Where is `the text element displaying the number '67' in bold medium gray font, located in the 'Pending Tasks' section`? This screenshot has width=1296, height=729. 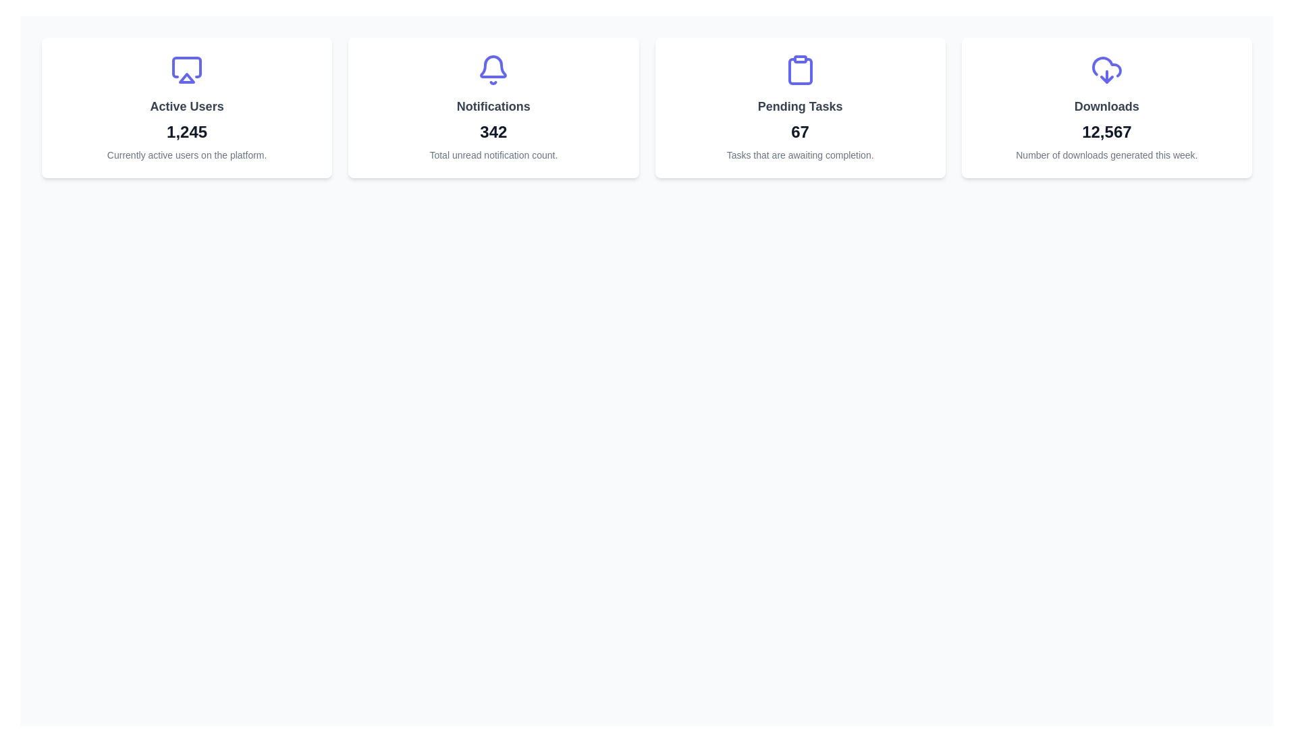 the text element displaying the number '67' in bold medium gray font, located in the 'Pending Tasks' section is located at coordinates (800, 132).